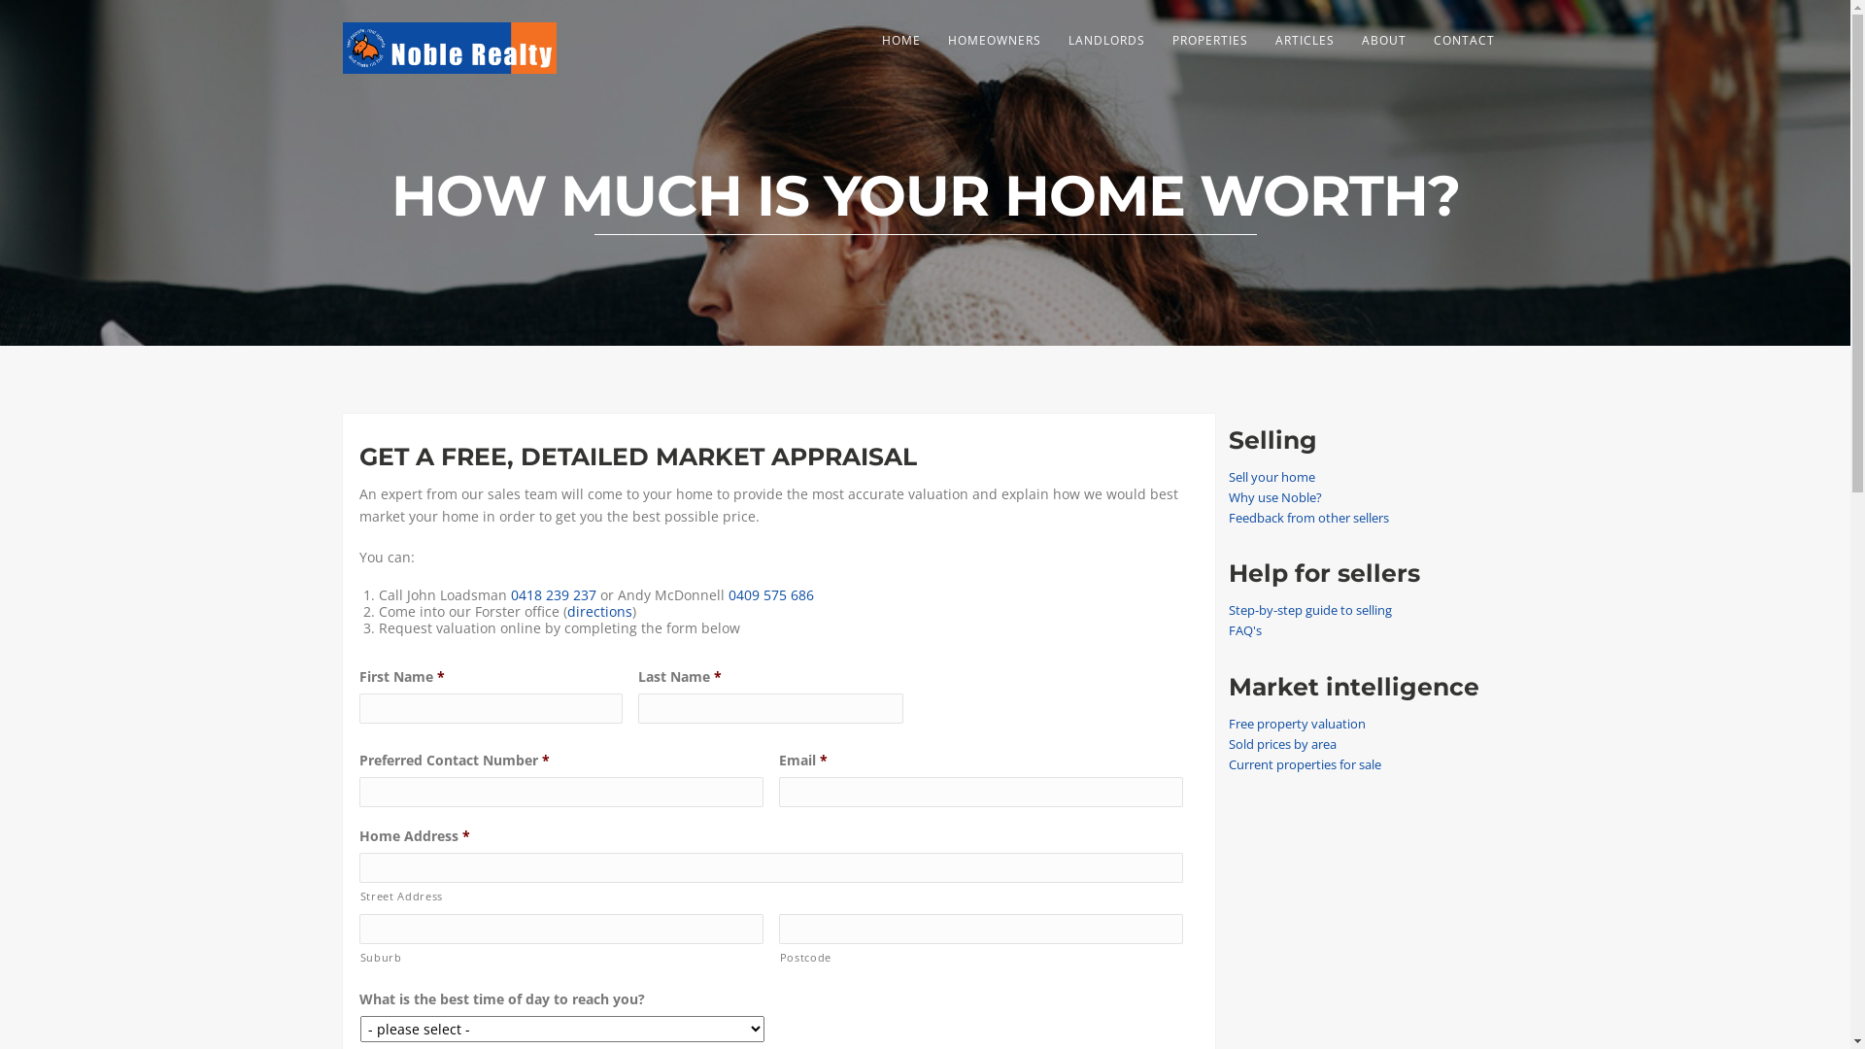 The width and height of the screenshot is (1865, 1049). I want to click on 'ARTICLES', so click(1304, 41).